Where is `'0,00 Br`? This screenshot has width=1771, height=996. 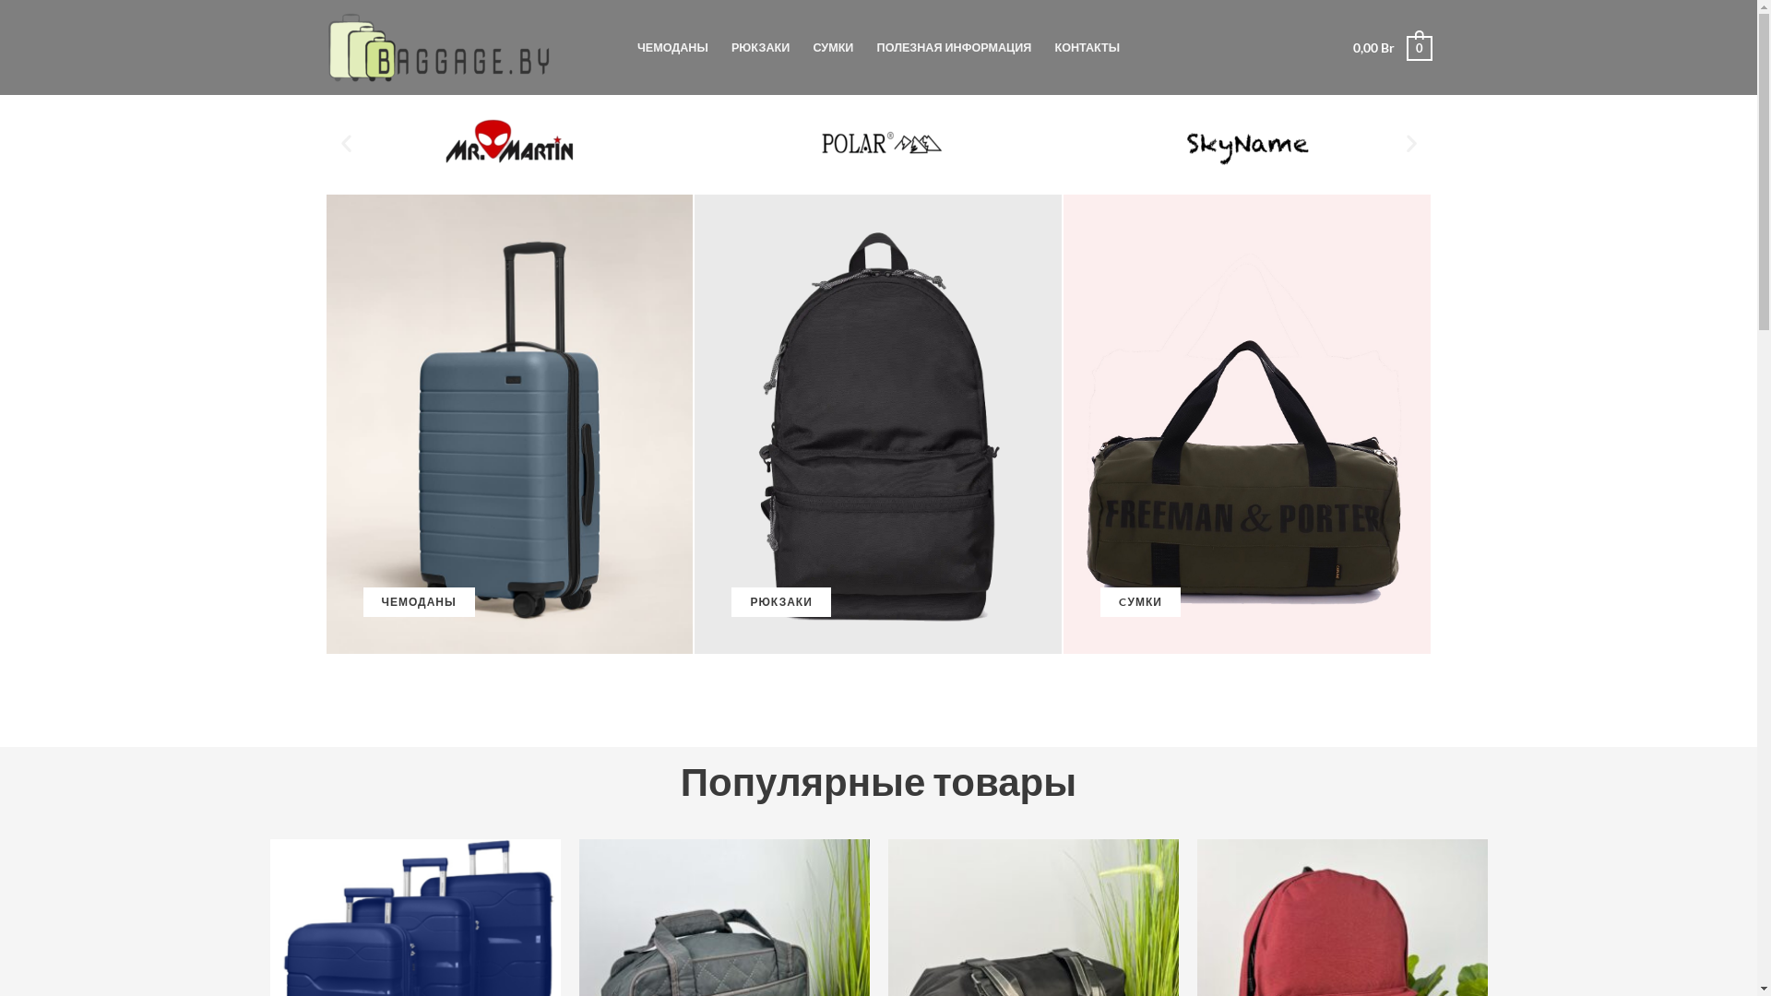 '0,00 Br is located at coordinates (1391, 46).